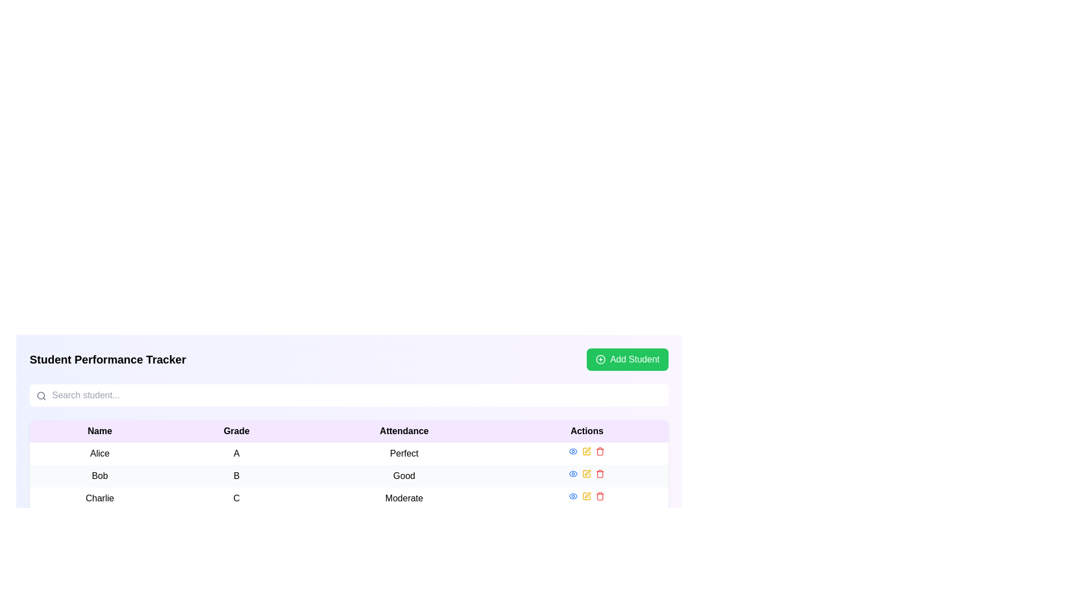 The height and width of the screenshot is (605, 1076). What do you see at coordinates (349, 476) in the screenshot?
I see `the table row displaying information about the person named Bob` at bounding box center [349, 476].